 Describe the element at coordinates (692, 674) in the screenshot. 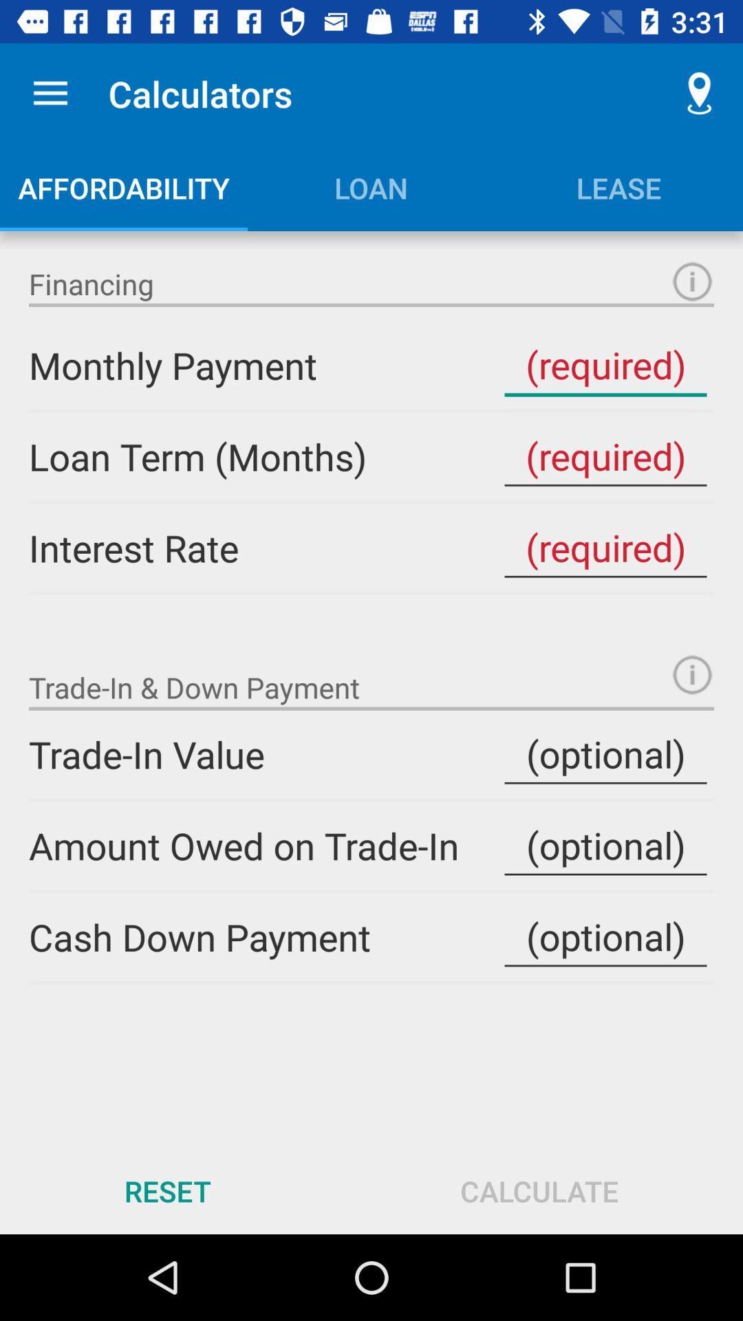

I see `the info icon` at that location.